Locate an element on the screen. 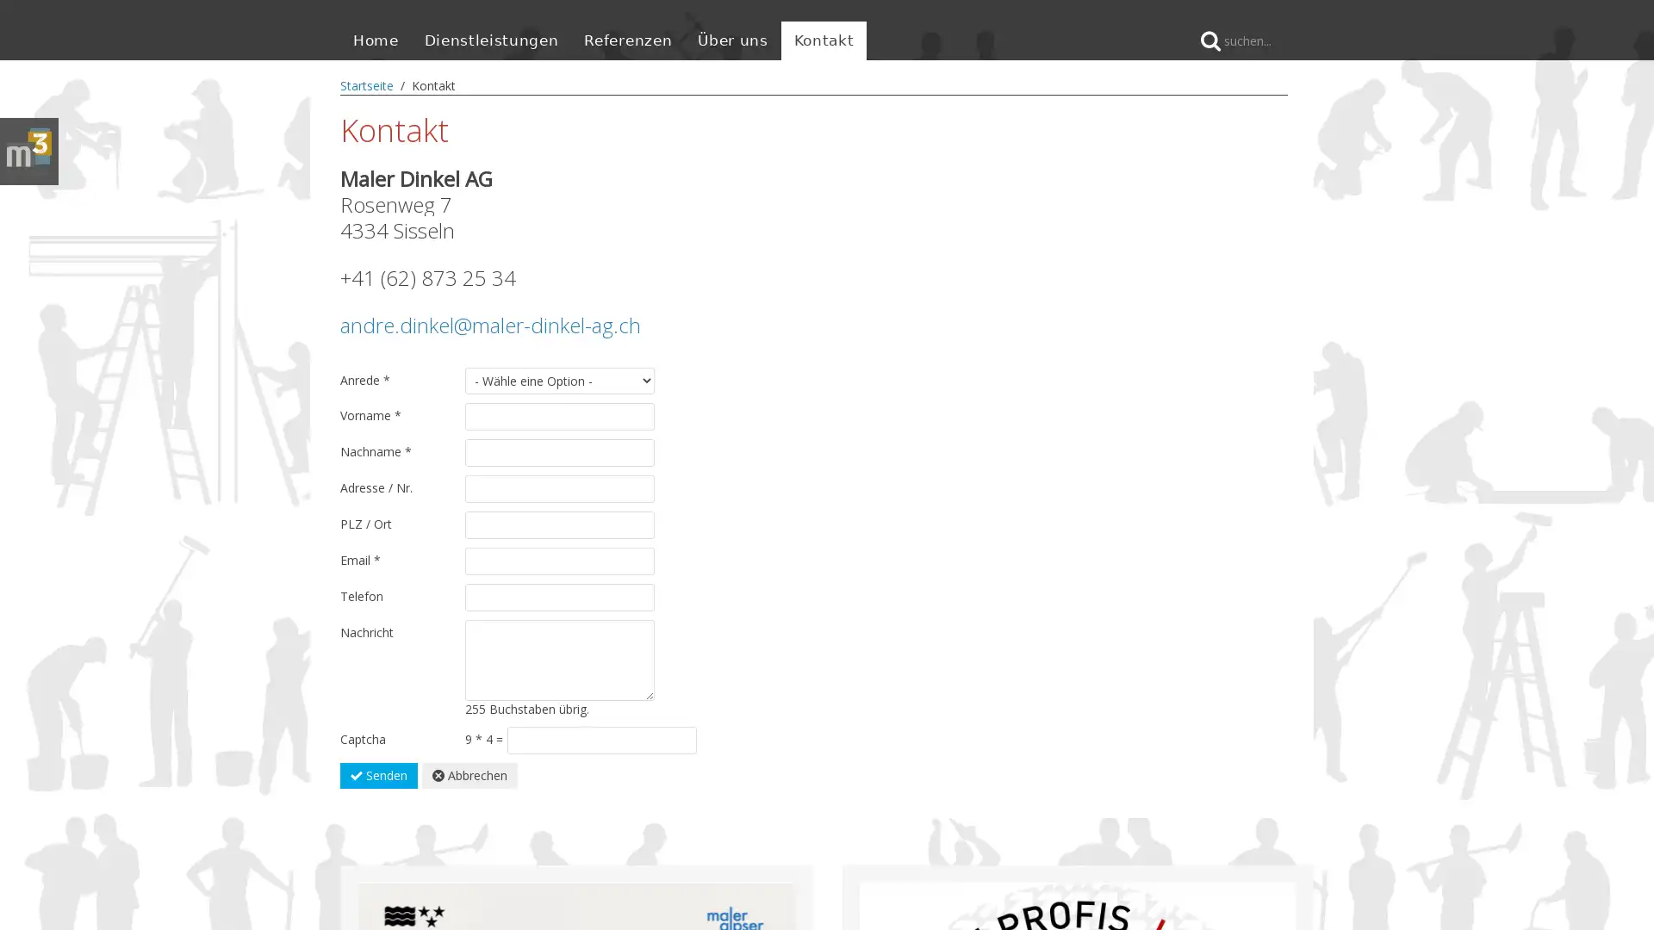  G Senden is located at coordinates (378, 773).